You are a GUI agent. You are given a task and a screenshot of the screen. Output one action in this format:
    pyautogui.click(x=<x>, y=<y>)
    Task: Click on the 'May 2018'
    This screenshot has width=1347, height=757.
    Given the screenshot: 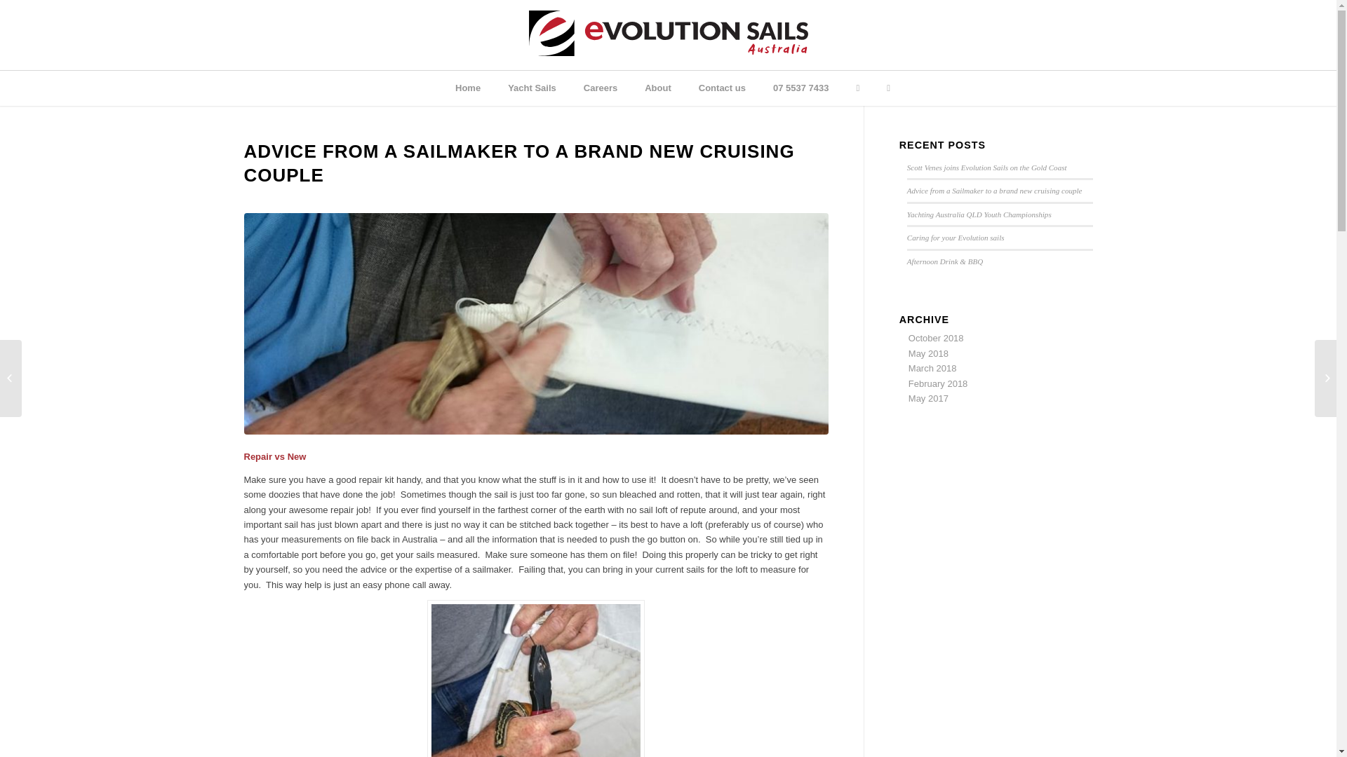 What is the action you would take?
    pyautogui.click(x=928, y=353)
    